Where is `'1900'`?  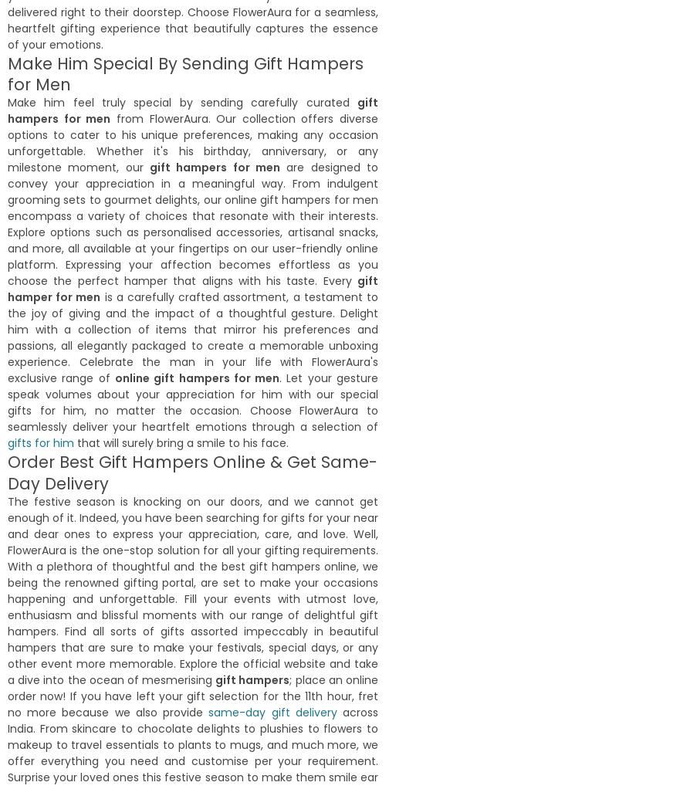
'1900' is located at coordinates (22, 646).